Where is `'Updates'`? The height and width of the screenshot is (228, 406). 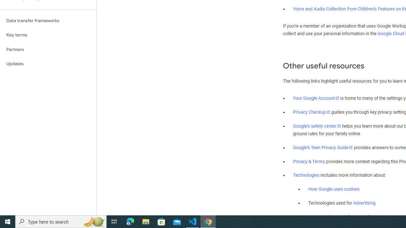 'Updates' is located at coordinates (48, 64).